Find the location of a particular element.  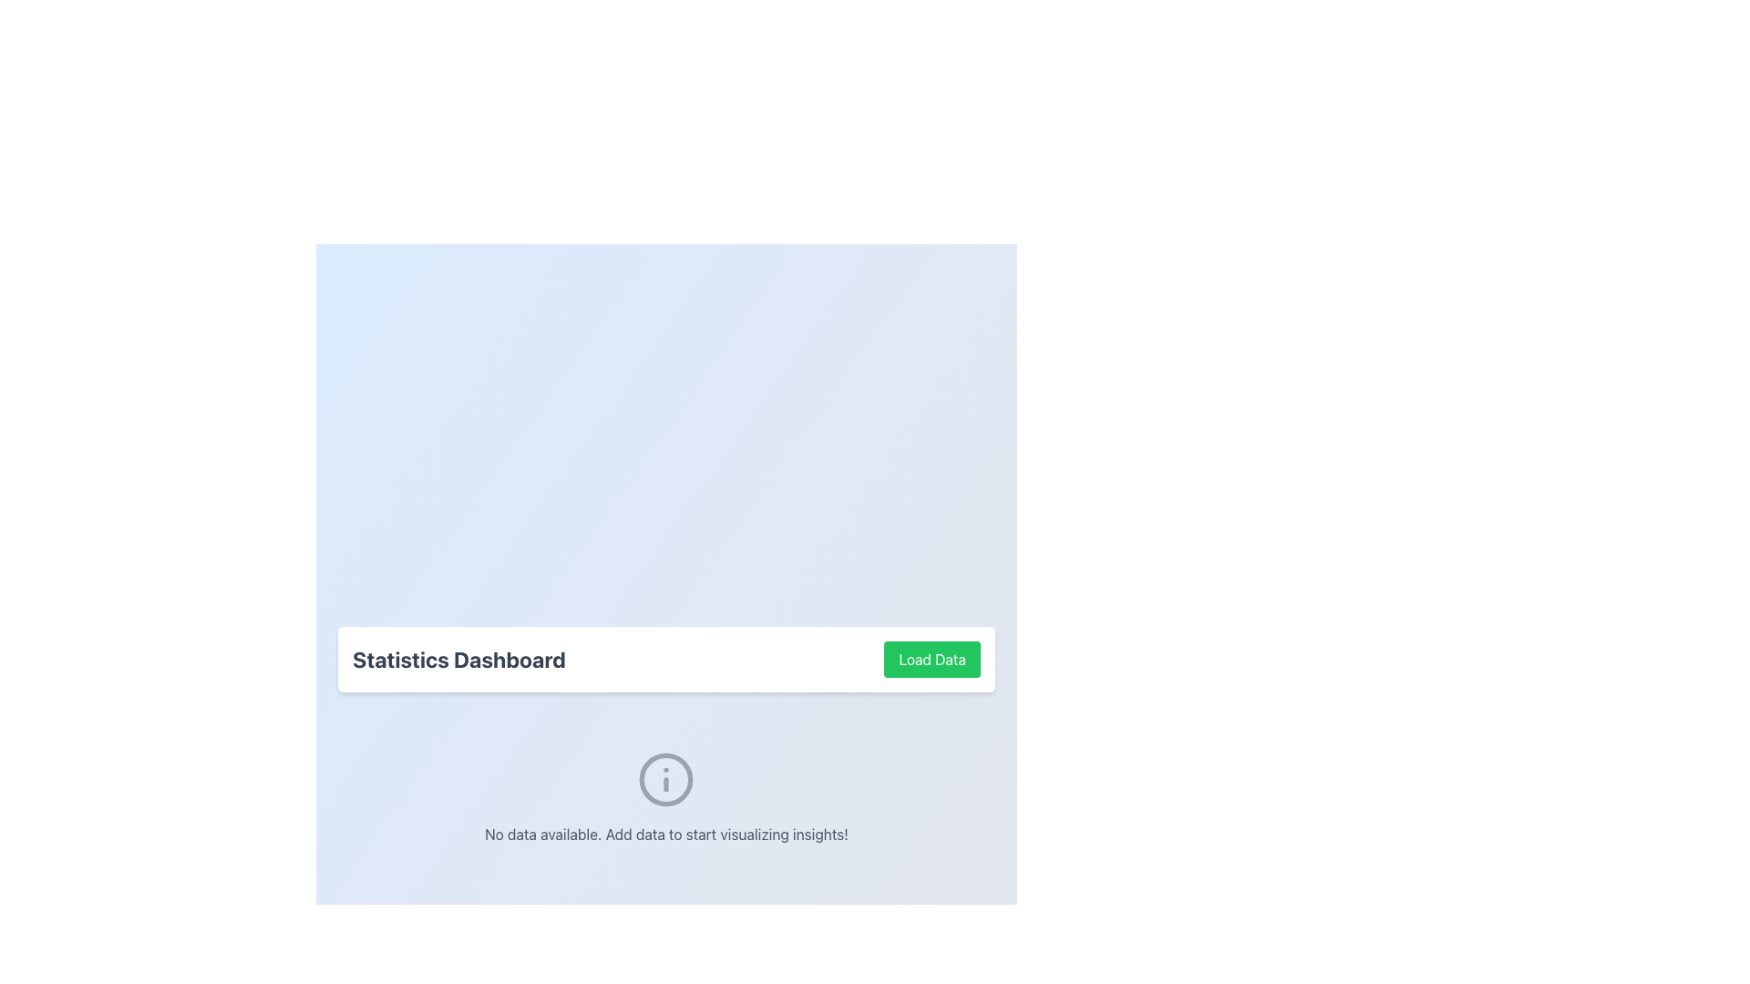

the prominent green button labeled 'Load Data' located in the bottom-right corner of the white panel under the blue background is located at coordinates (932, 660).